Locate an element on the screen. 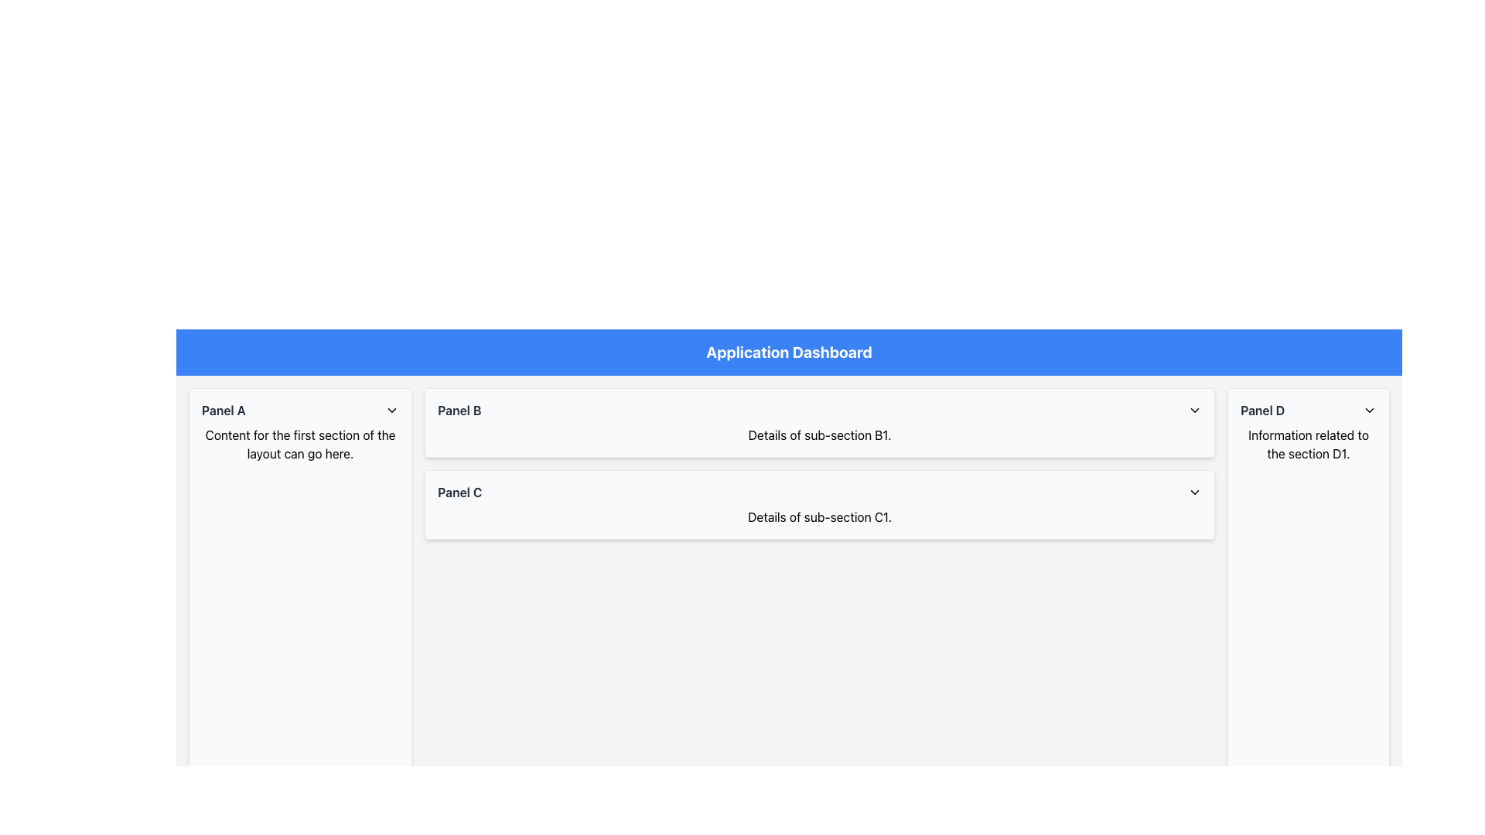 This screenshot has height=835, width=1485. the static text element providing information for subsection 'B1' within 'Panel B', located below the panel's header is located at coordinates (819, 435).